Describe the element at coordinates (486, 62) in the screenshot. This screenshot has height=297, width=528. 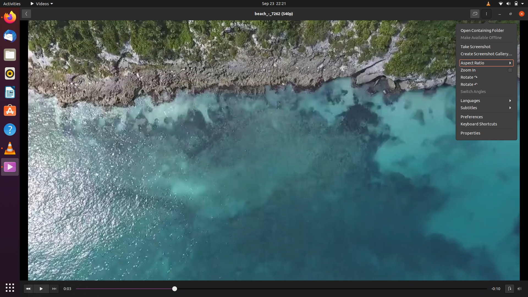
I see `the aspect ratio of the footage to 16:9` at that location.